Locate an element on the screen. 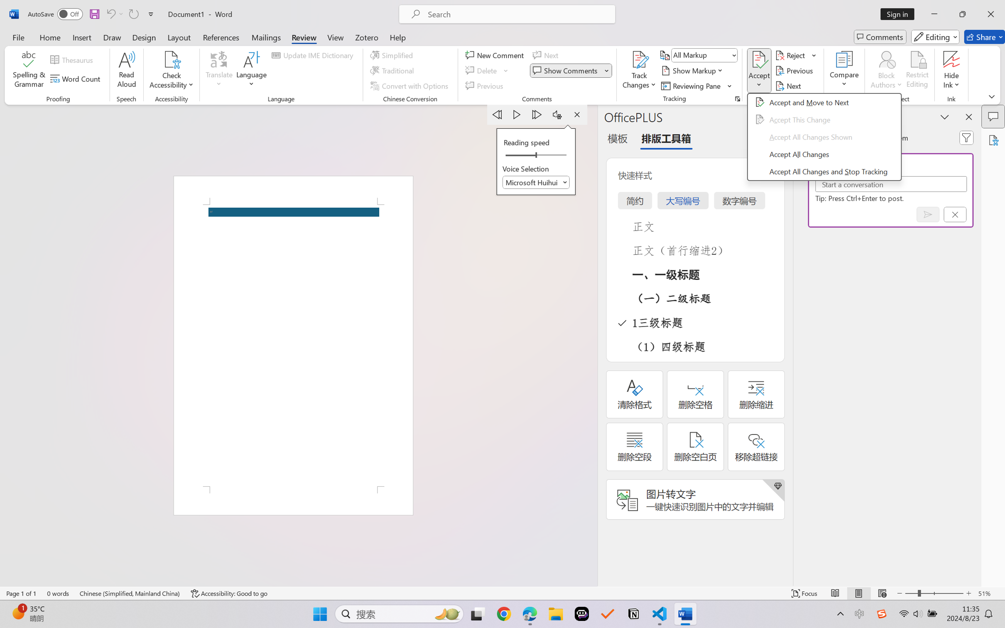 Image resolution: width=1005 pixels, height=628 pixels. 'Voice Selection' is located at coordinates (535, 182).